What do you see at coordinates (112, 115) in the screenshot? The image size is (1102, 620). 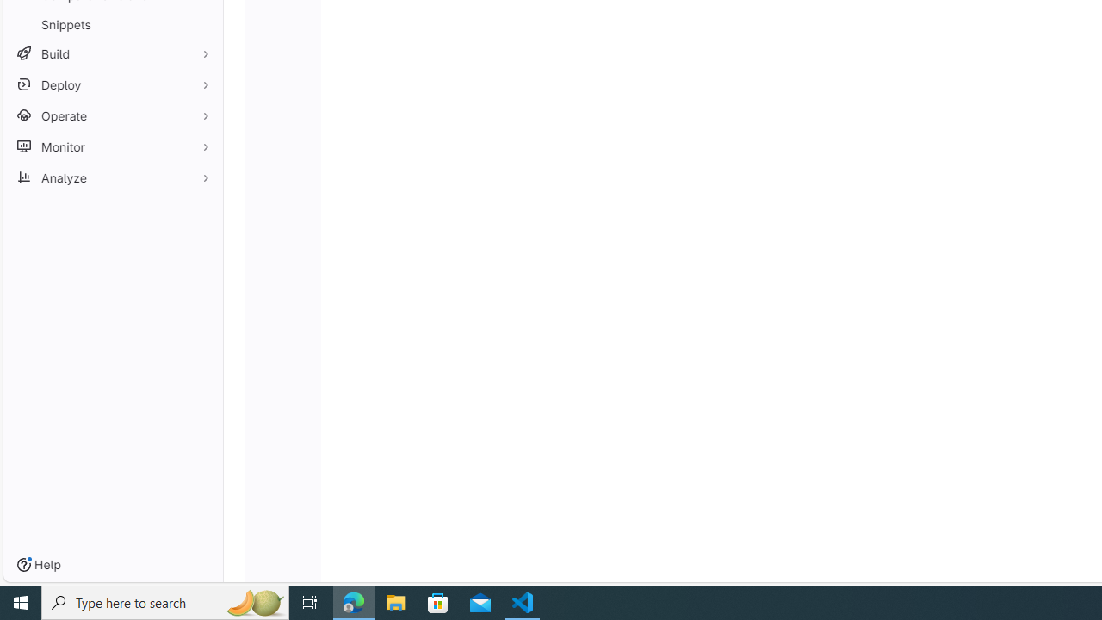 I see `'Operate'` at bounding box center [112, 115].